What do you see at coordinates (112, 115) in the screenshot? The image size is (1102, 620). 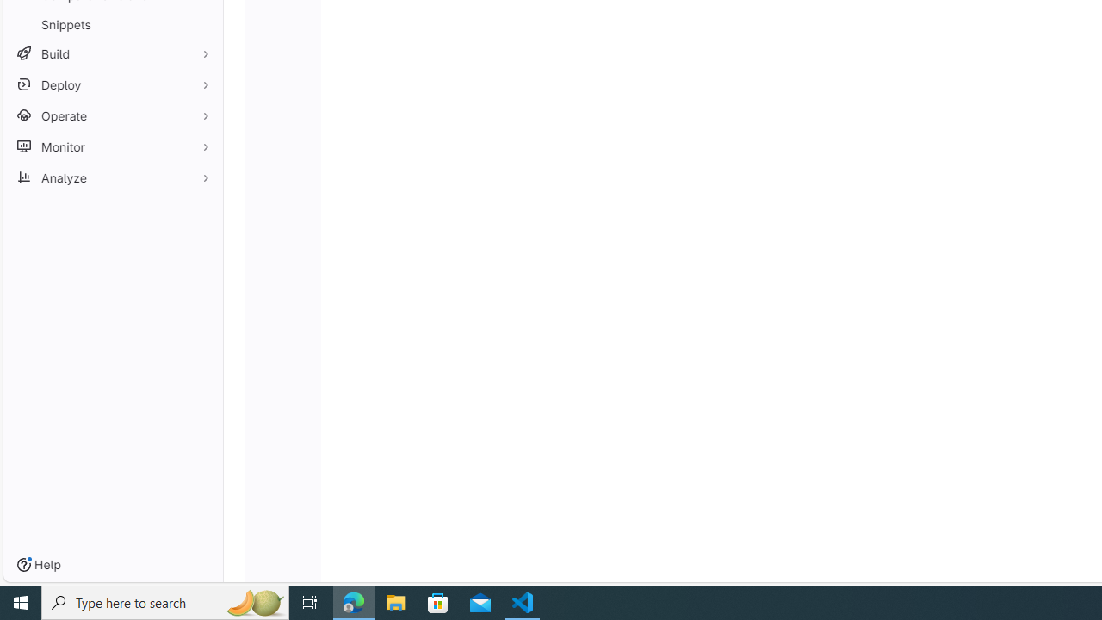 I see `'Operate'` at bounding box center [112, 115].